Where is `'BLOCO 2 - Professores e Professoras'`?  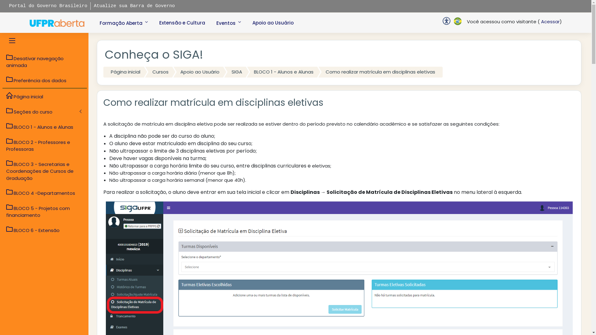 'BLOCO 2 - Professores e Professoras' is located at coordinates (44, 145).